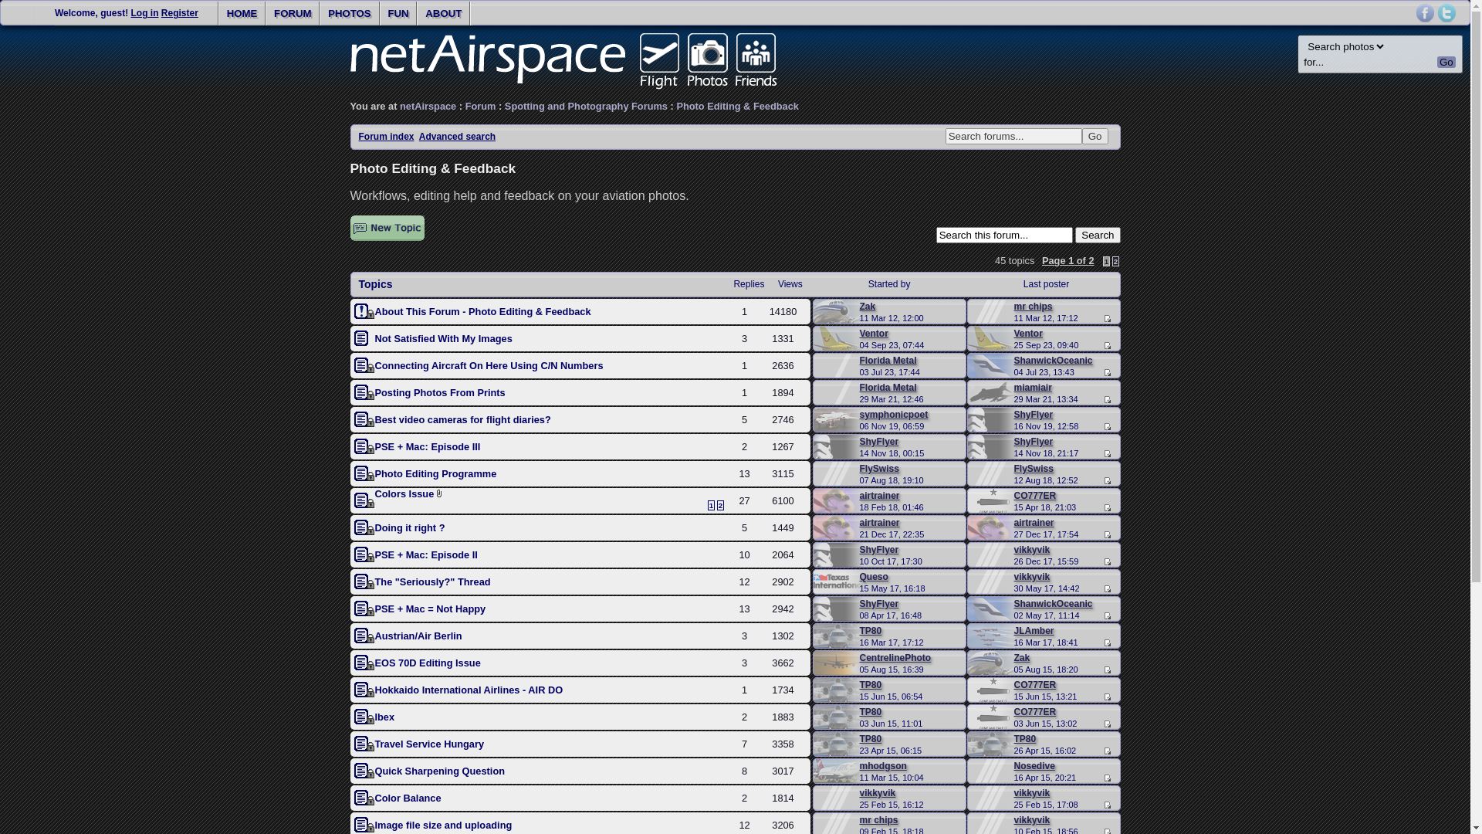  What do you see at coordinates (374, 581) in the screenshot?
I see `'The "Seriously?" Thread'` at bounding box center [374, 581].